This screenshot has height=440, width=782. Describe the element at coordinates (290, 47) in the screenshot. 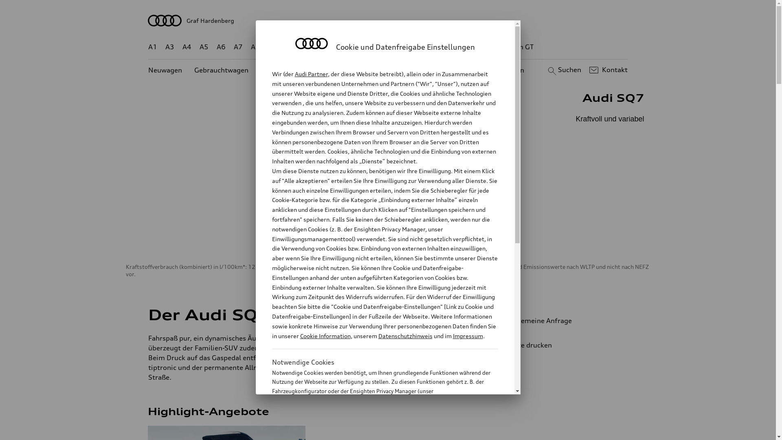

I see `'Q3'` at that location.